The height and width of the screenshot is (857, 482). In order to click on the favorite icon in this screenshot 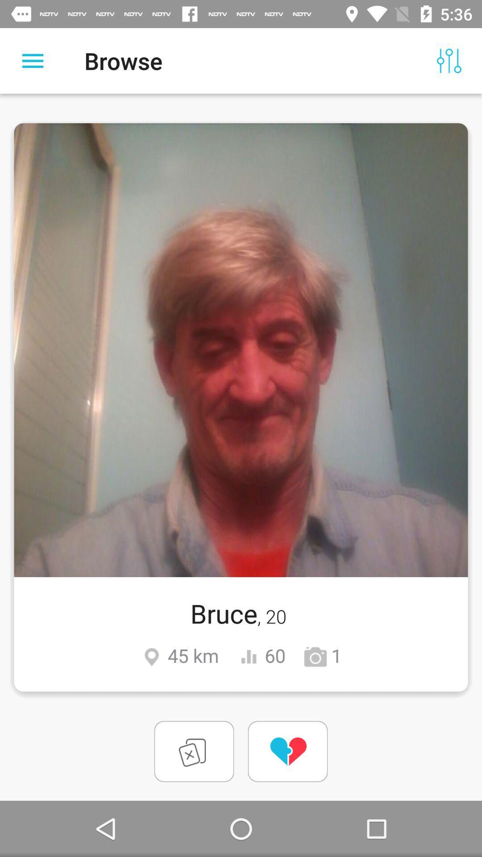, I will do `click(287, 751)`.